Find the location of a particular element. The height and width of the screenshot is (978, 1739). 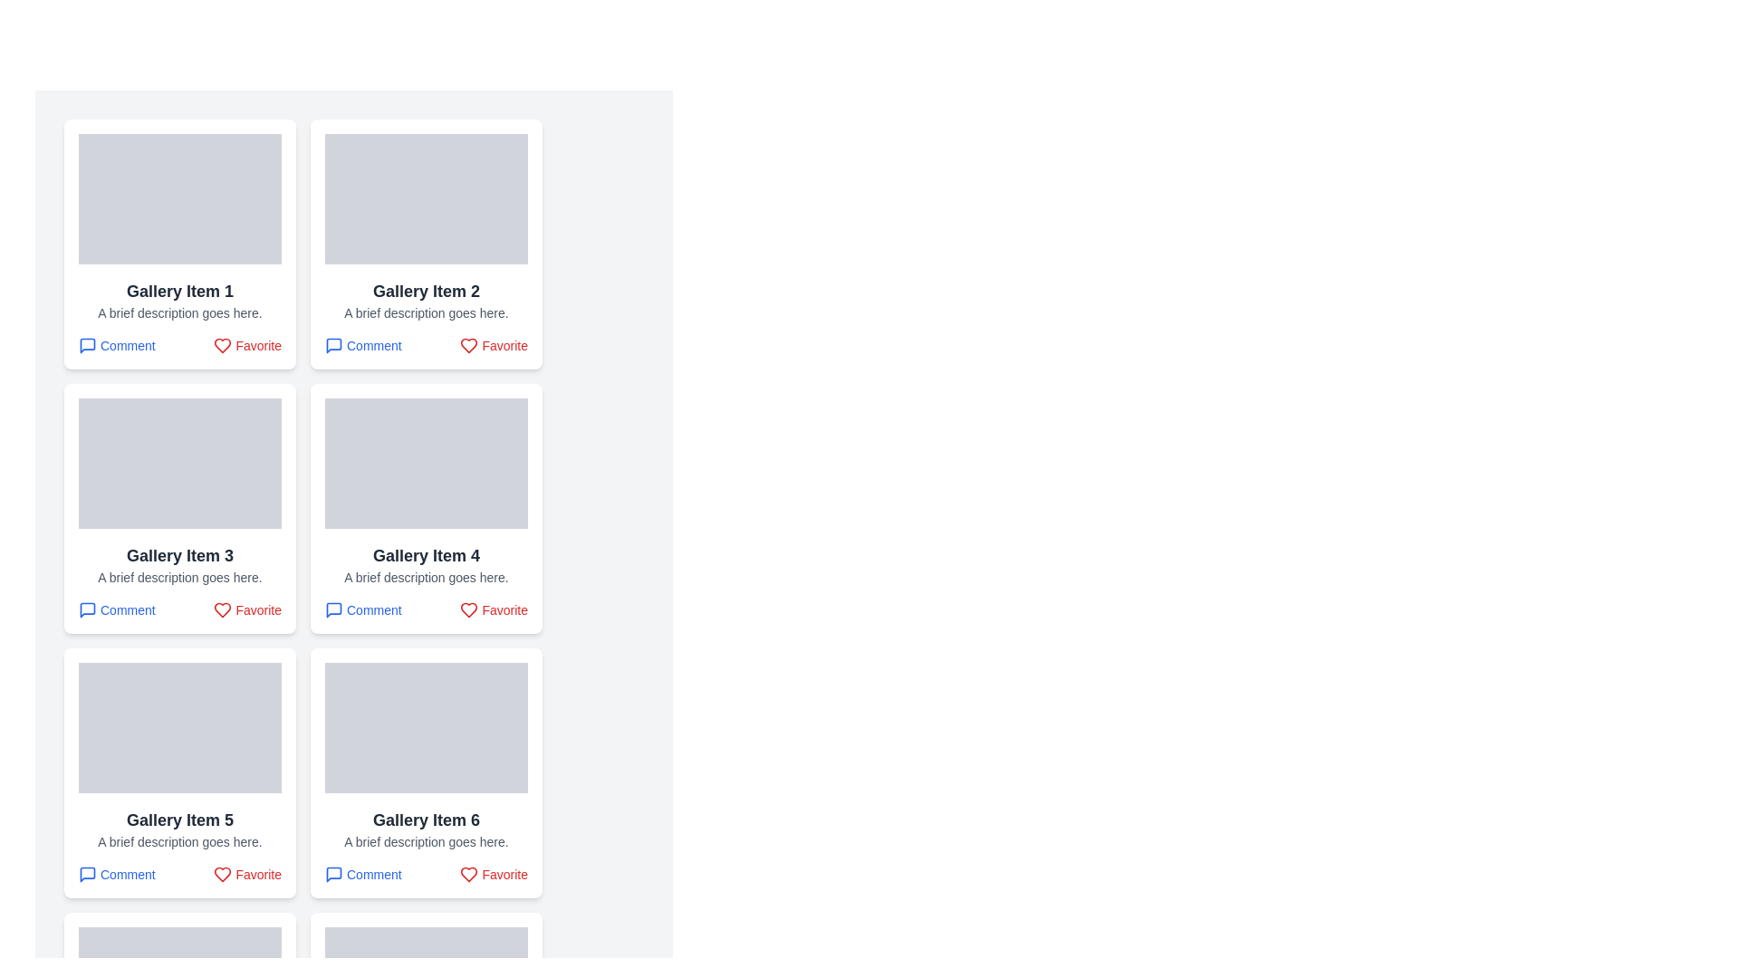

the button located at the bottom-left corner of the card labeled 'Gallery Item 3' is located at coordinates (116, 610).